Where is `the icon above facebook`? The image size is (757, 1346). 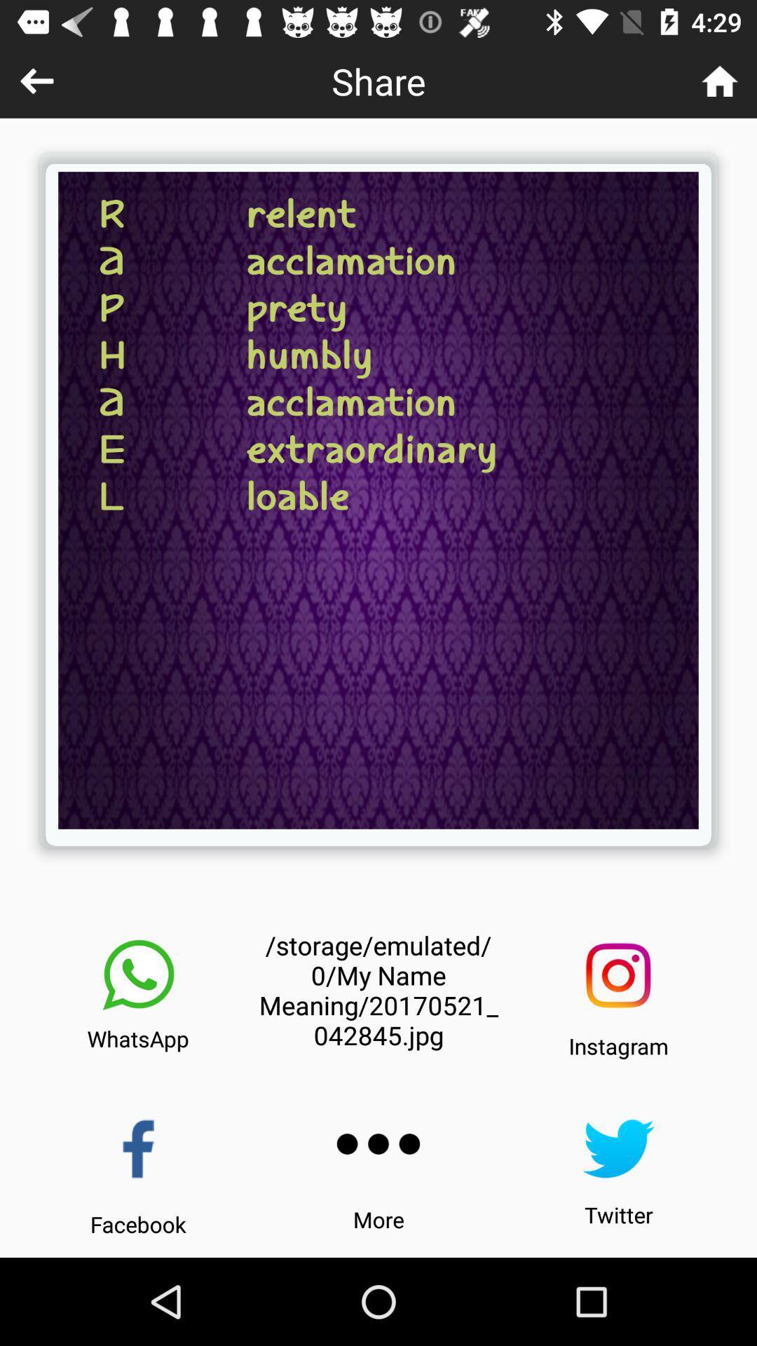
the icon above facebook is located at coordinates (138, 1149).